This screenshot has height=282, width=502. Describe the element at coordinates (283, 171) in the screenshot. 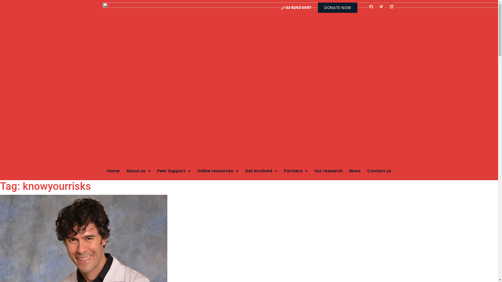

I see `'Partners'` at that location.